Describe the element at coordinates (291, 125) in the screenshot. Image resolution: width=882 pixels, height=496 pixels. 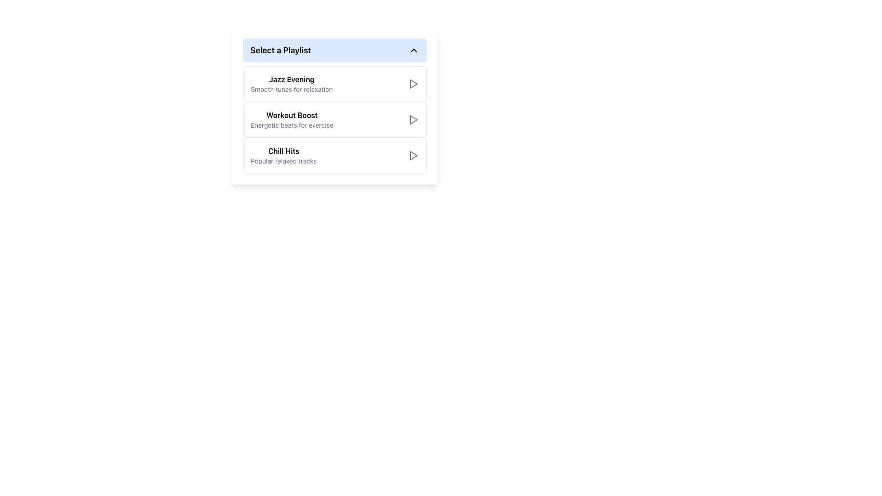
I see `the descriptive text element that provides supplementary information about the playlist titled 'Workout Boost', located in the second card of the playlist selection list` at that location.